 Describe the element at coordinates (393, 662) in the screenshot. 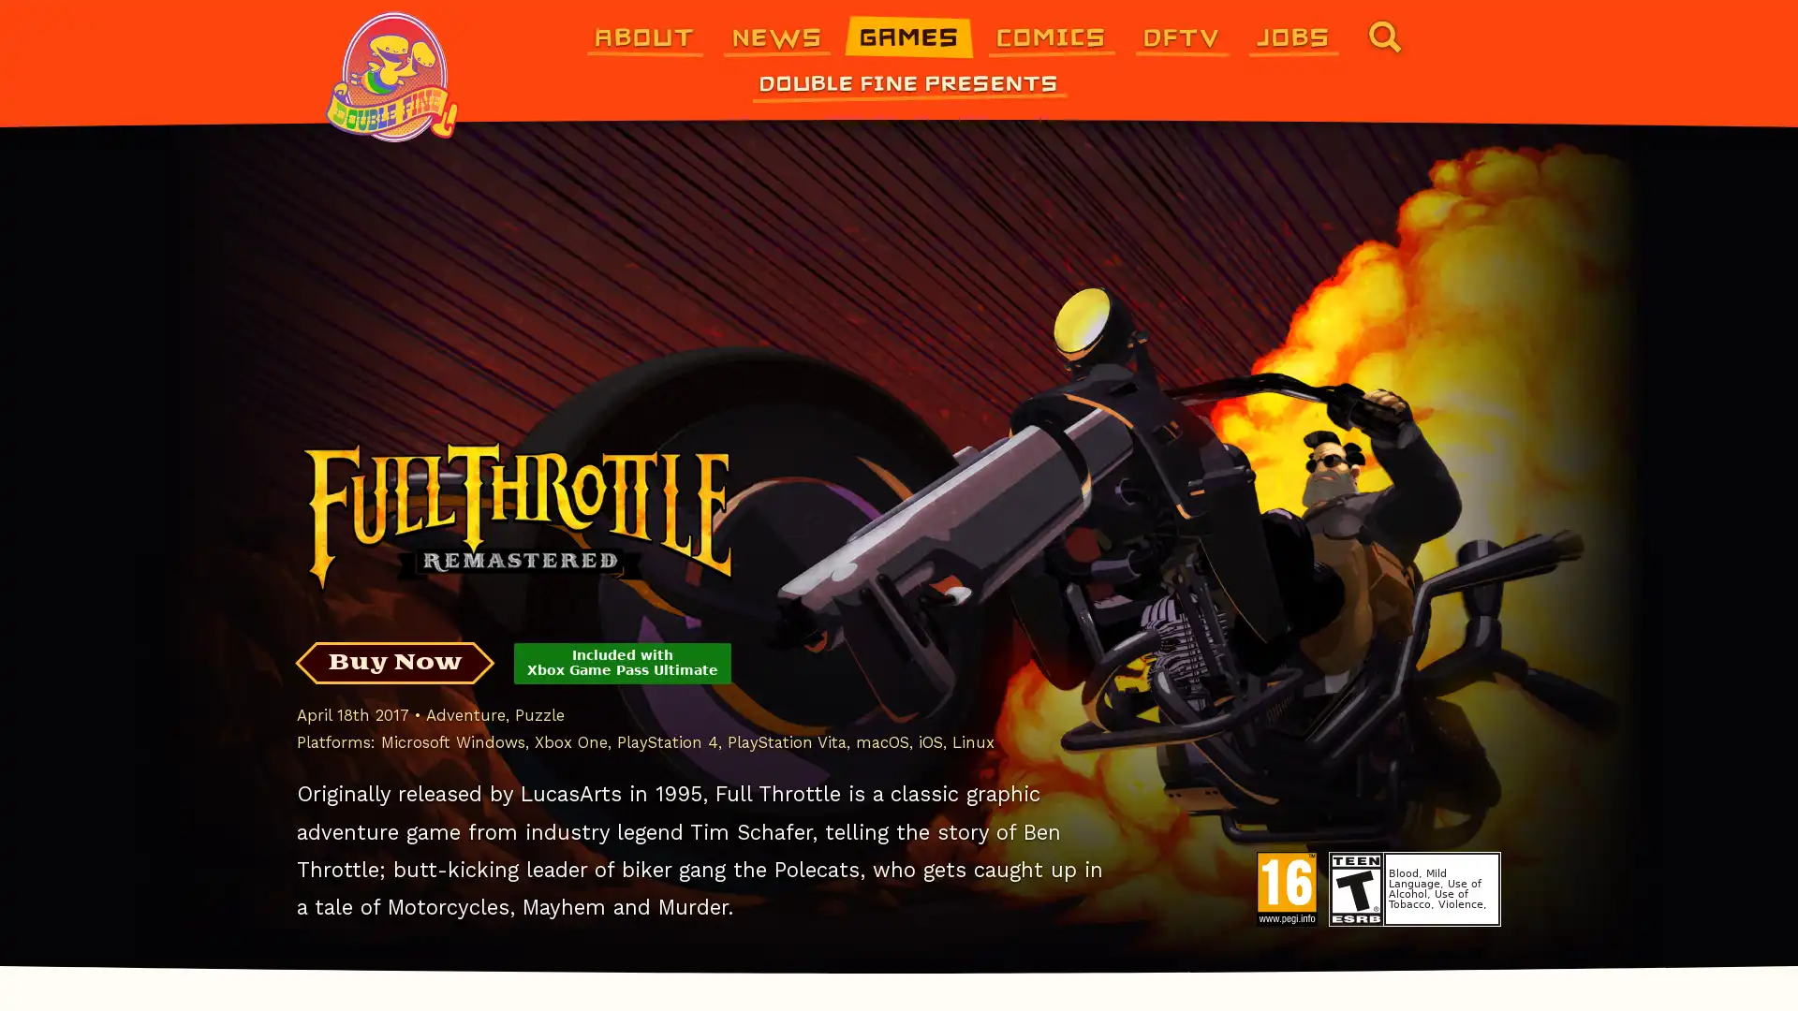

I see `Buy Now` at that location.